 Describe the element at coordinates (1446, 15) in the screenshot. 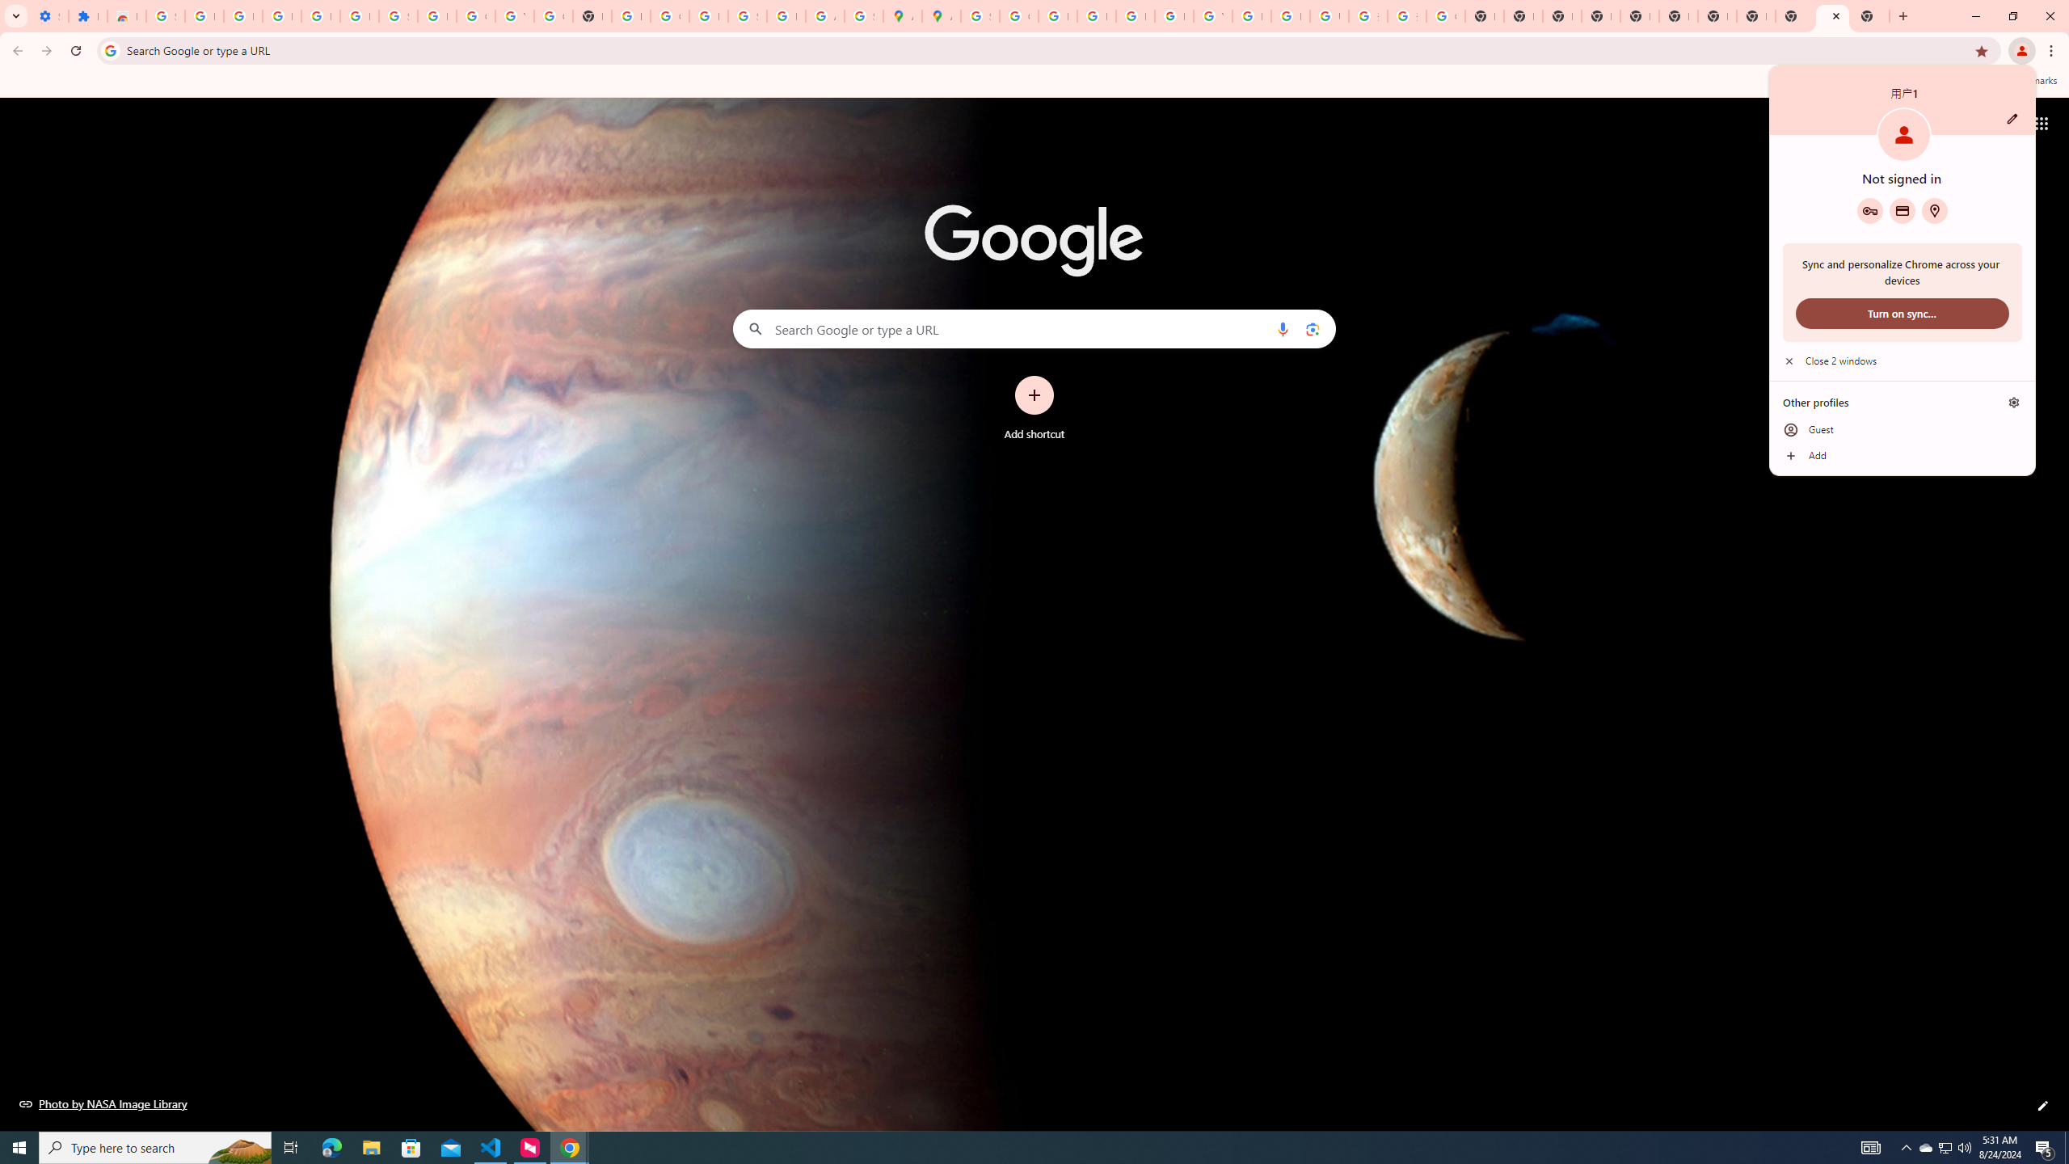

I see `'Google Images'` at that location.